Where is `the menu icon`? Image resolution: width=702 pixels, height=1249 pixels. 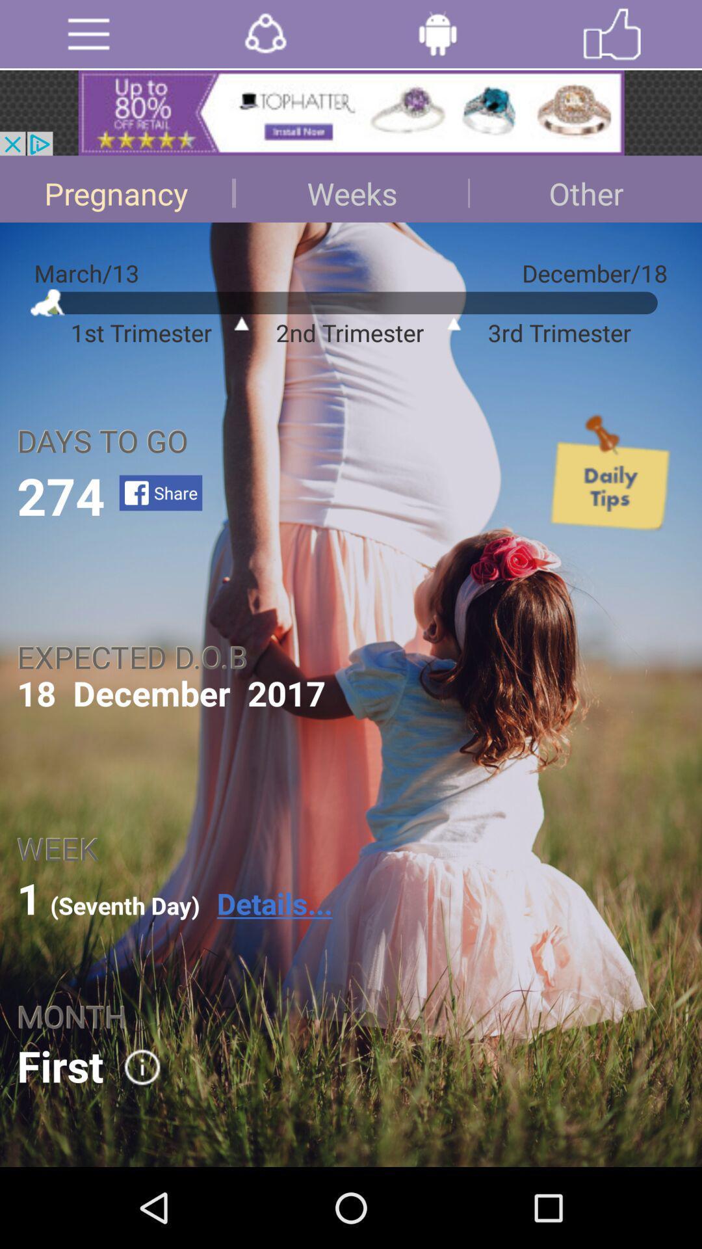 the menu icon is located at coordinates (88, 36).